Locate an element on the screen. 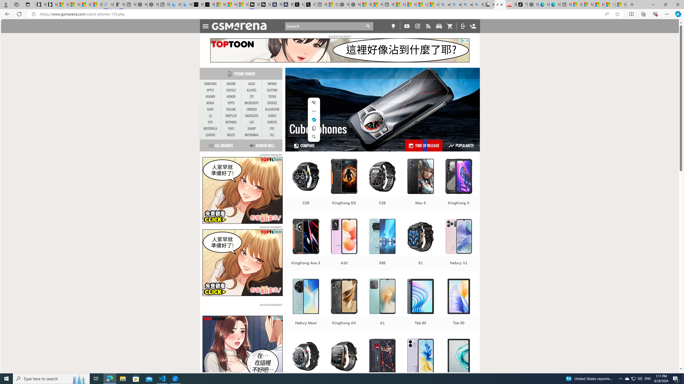 The width and height of the screenshot is (684, 384). 'XIAOMI' is located at coordinates (231, 84).